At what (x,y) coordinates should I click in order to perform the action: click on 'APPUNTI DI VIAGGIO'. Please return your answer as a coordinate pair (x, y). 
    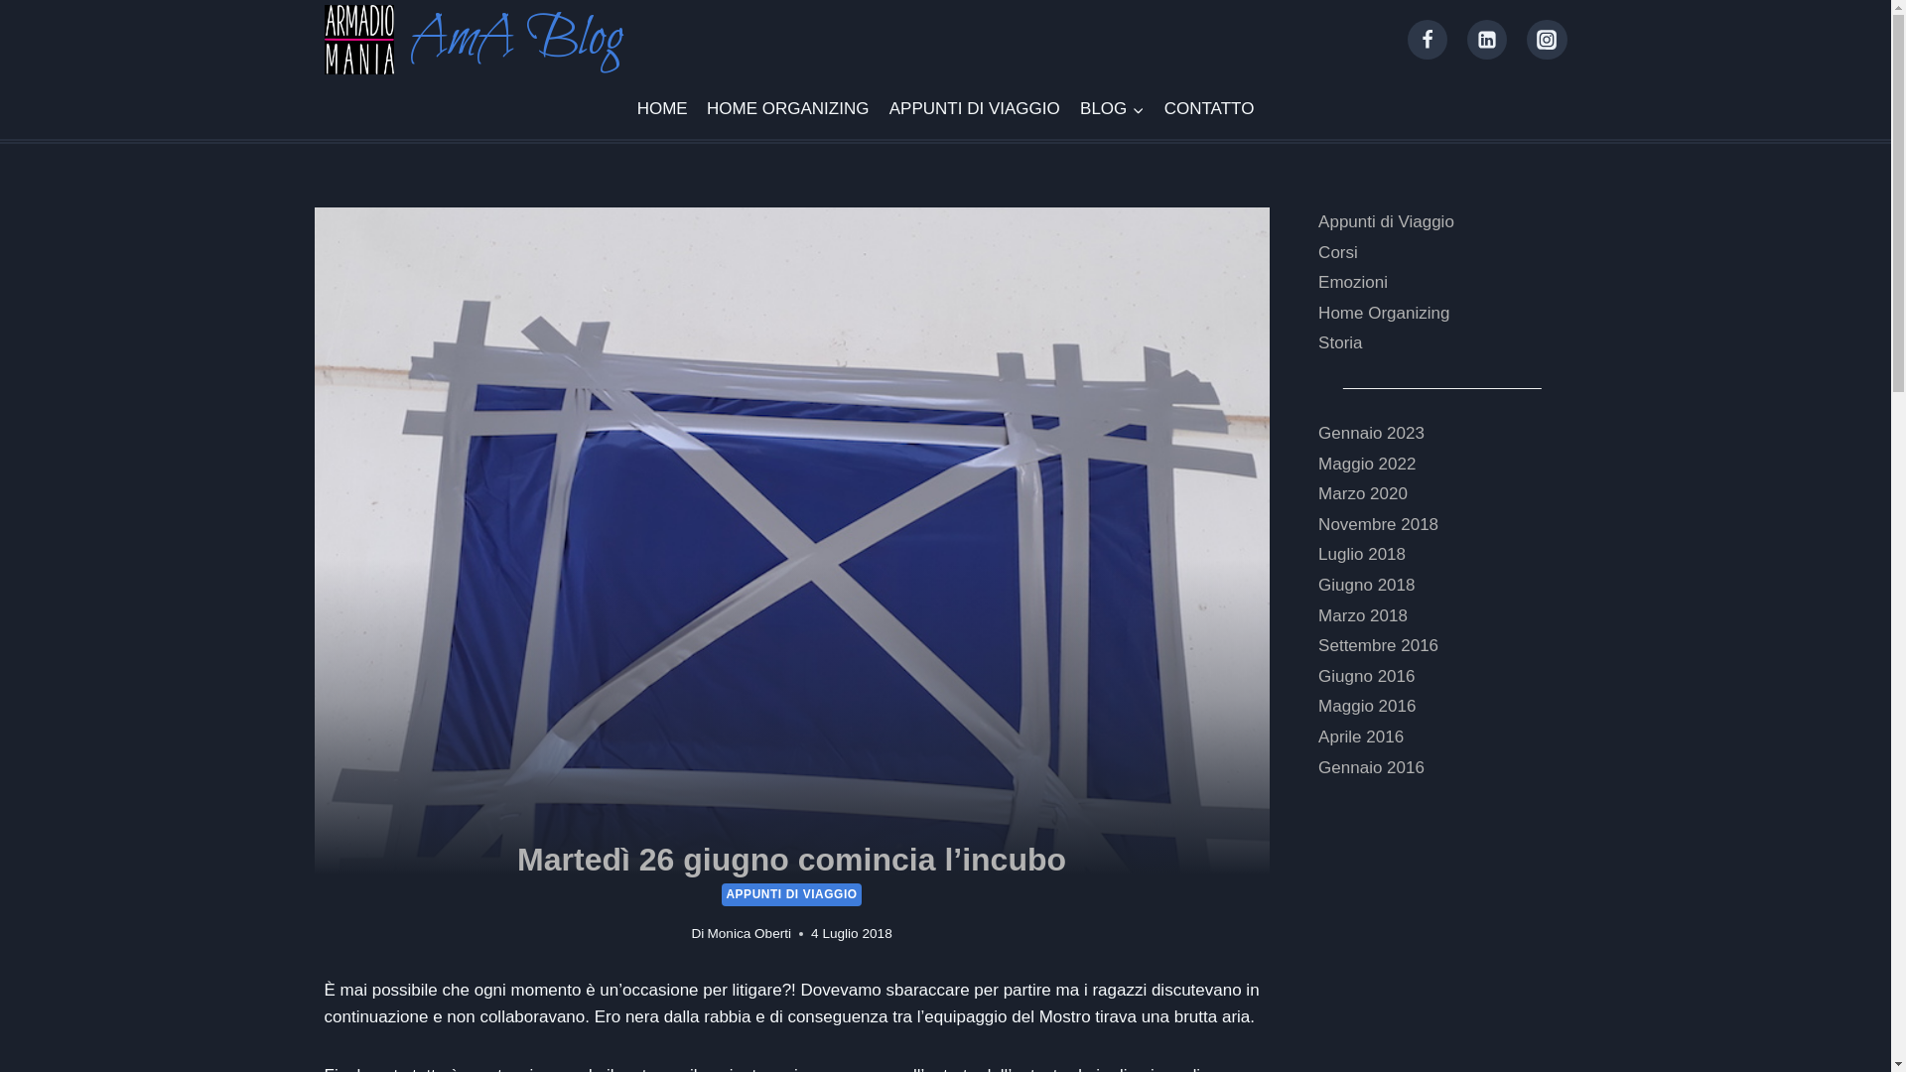
    Looking at the image, I should click on (975, 109).